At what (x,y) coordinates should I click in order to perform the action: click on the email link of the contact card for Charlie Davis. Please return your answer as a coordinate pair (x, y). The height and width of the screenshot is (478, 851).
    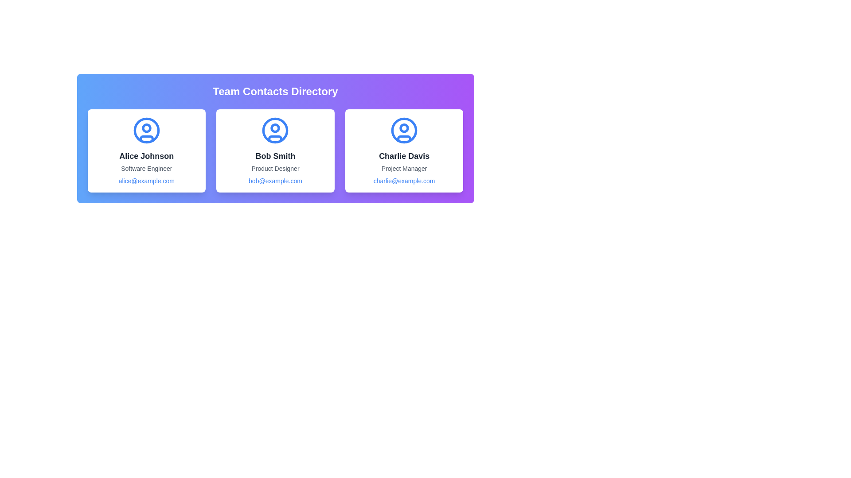
    Looking at the image, I should click on (404, 180).